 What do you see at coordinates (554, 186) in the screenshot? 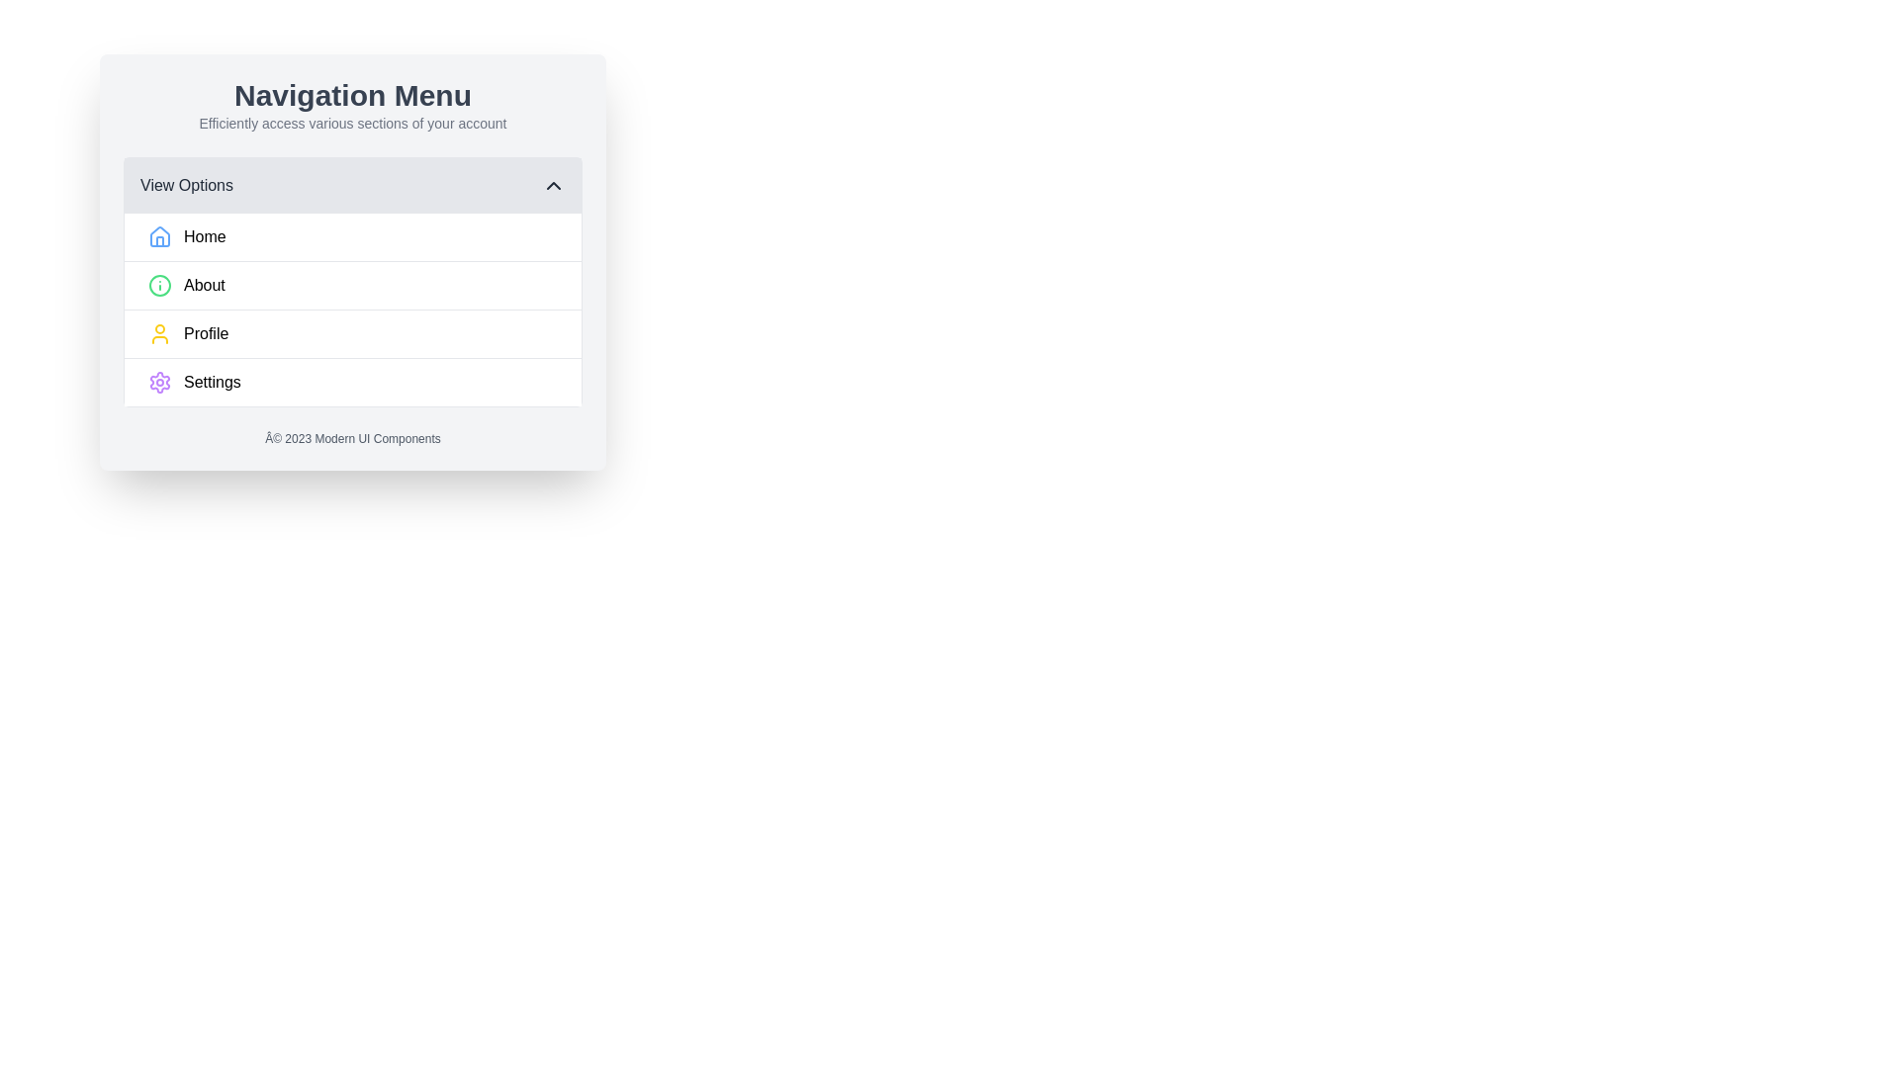
I see `the upward-facing chevron icon located to the far right of the 'View Options' bar for keyboard navigation` at bounding box center [554, 186].